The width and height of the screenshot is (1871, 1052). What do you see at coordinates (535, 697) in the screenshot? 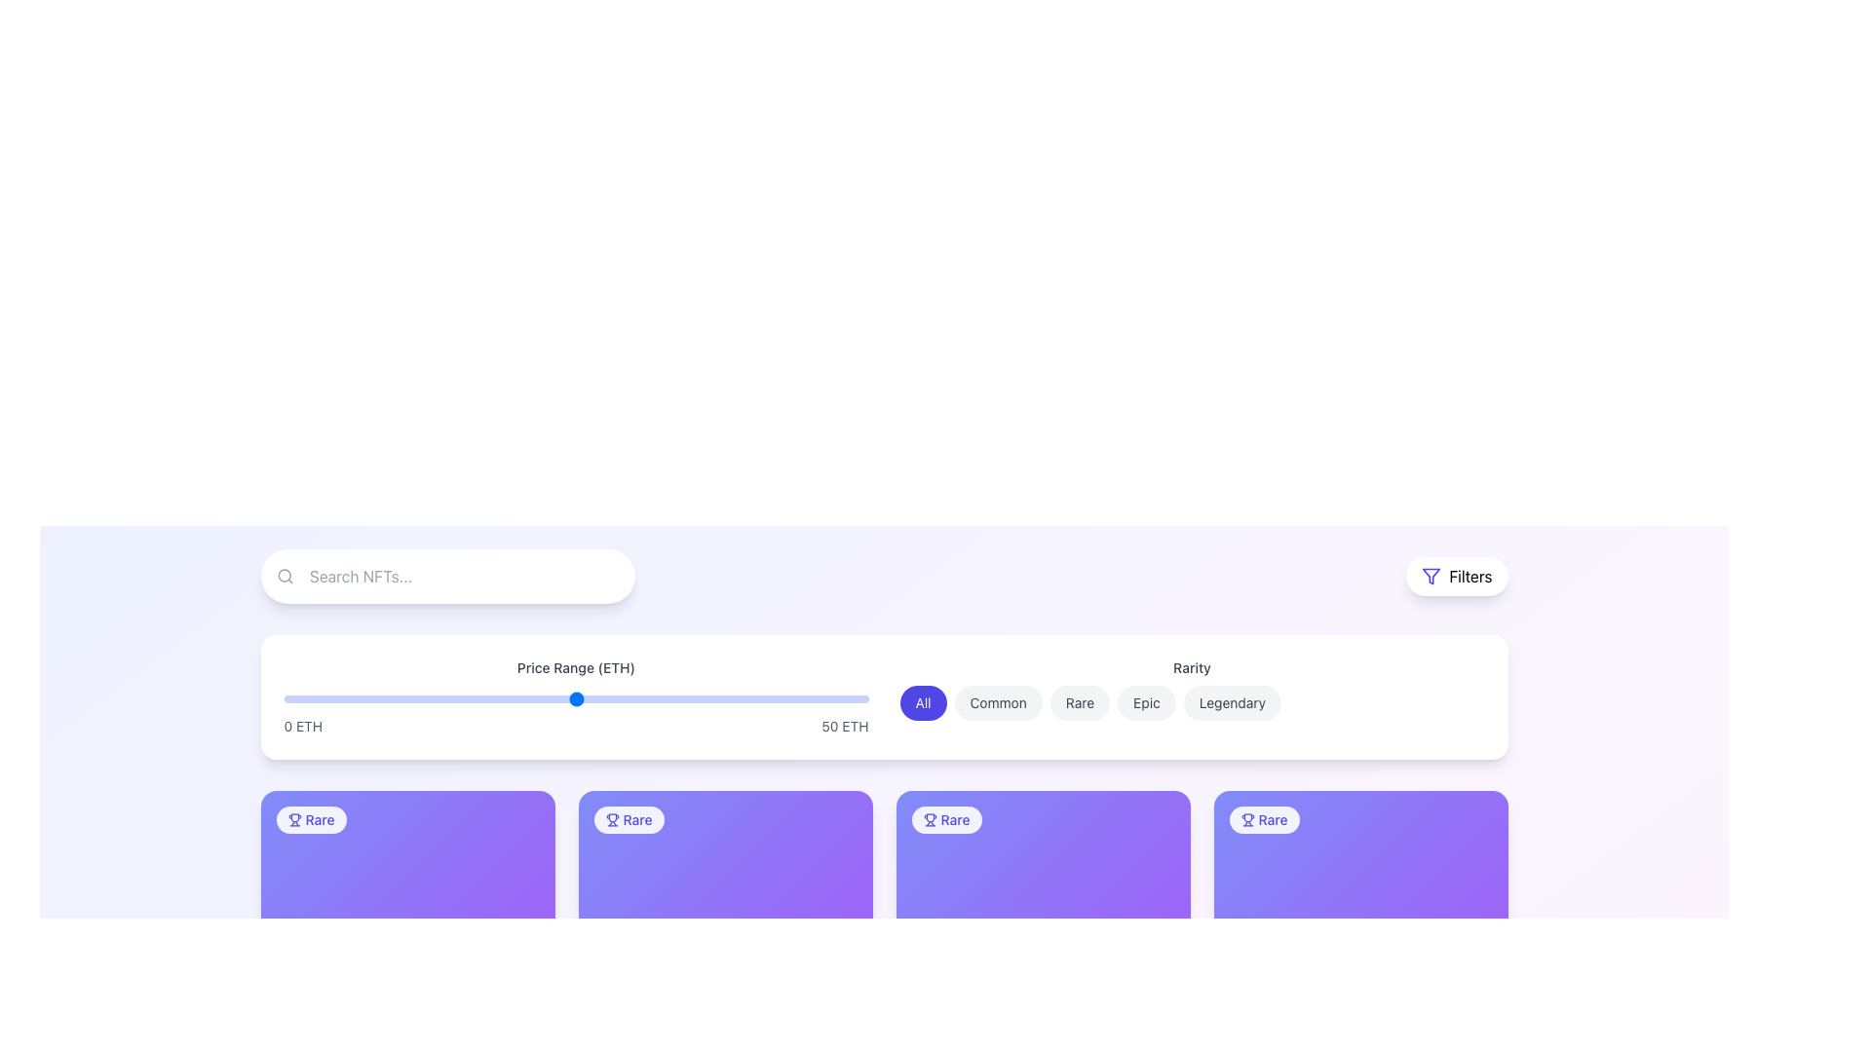
I see `the slider value` at bounding box center [535, 697].